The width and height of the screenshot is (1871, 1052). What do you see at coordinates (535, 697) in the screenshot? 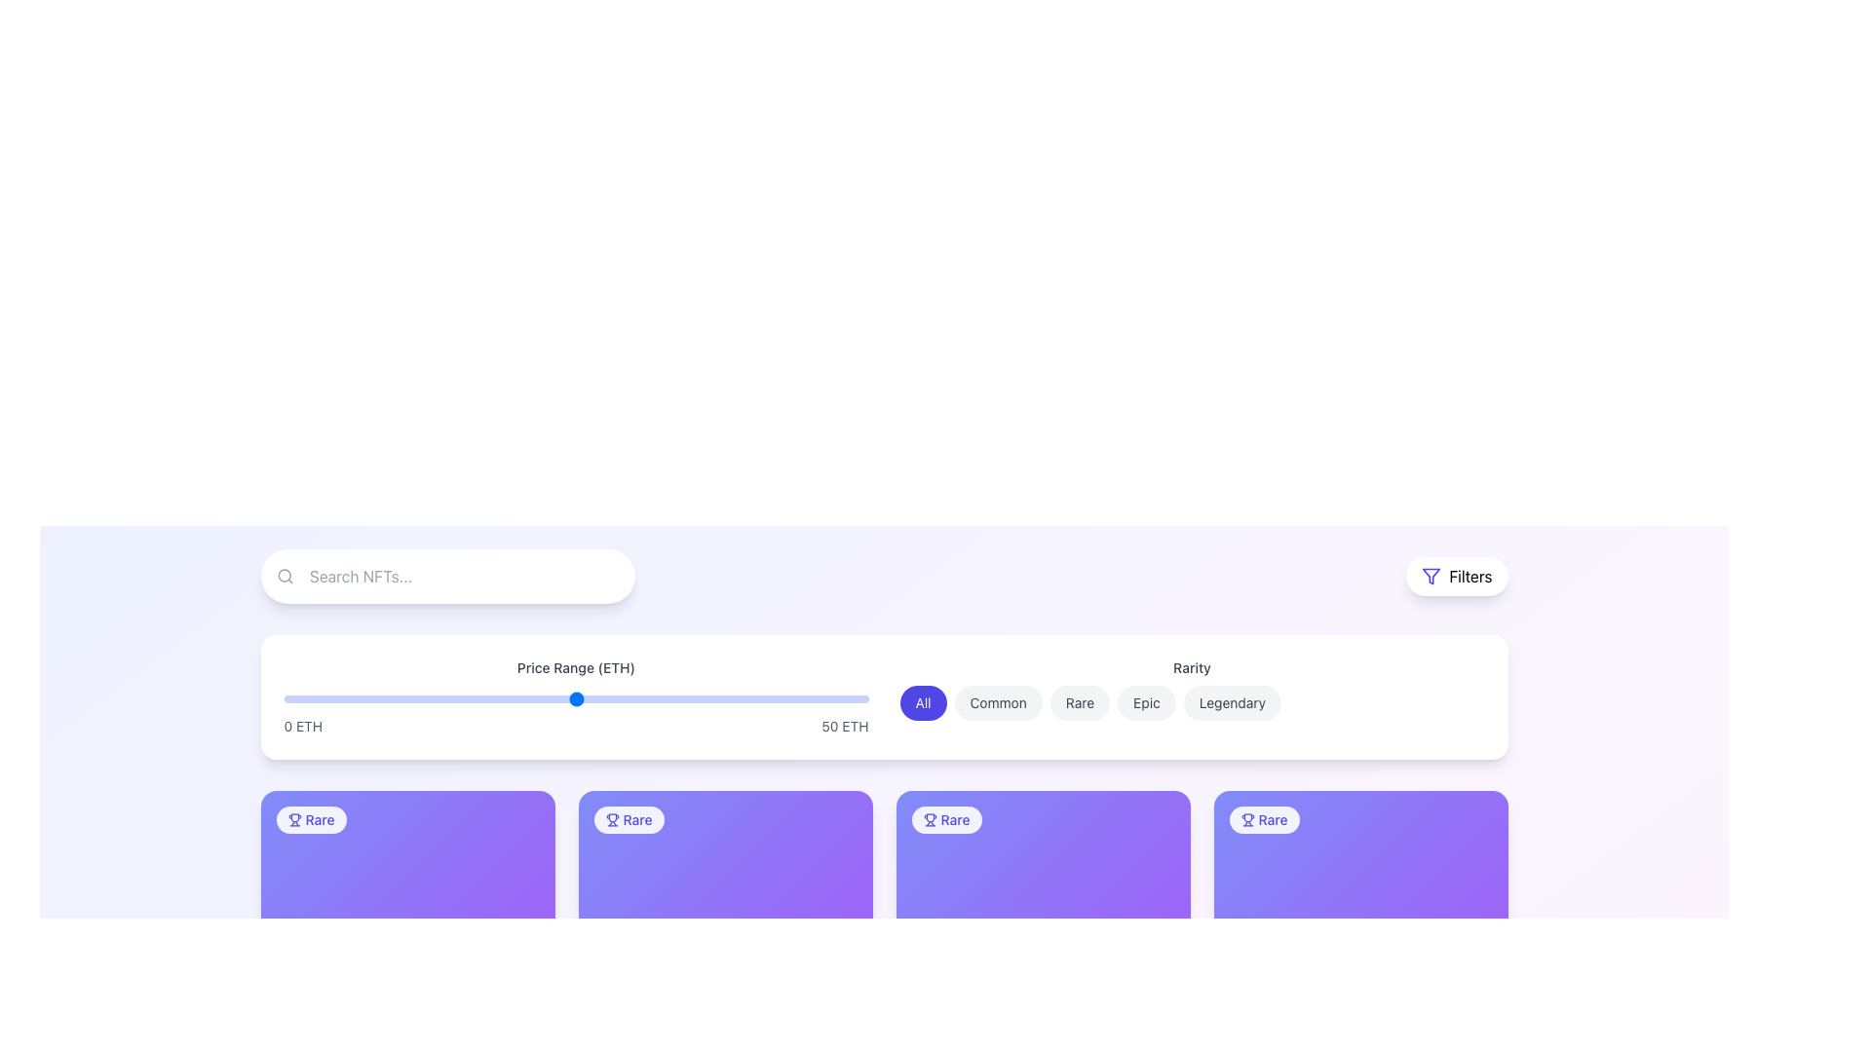
I see `the slider value` at bounding box center [535, 697].